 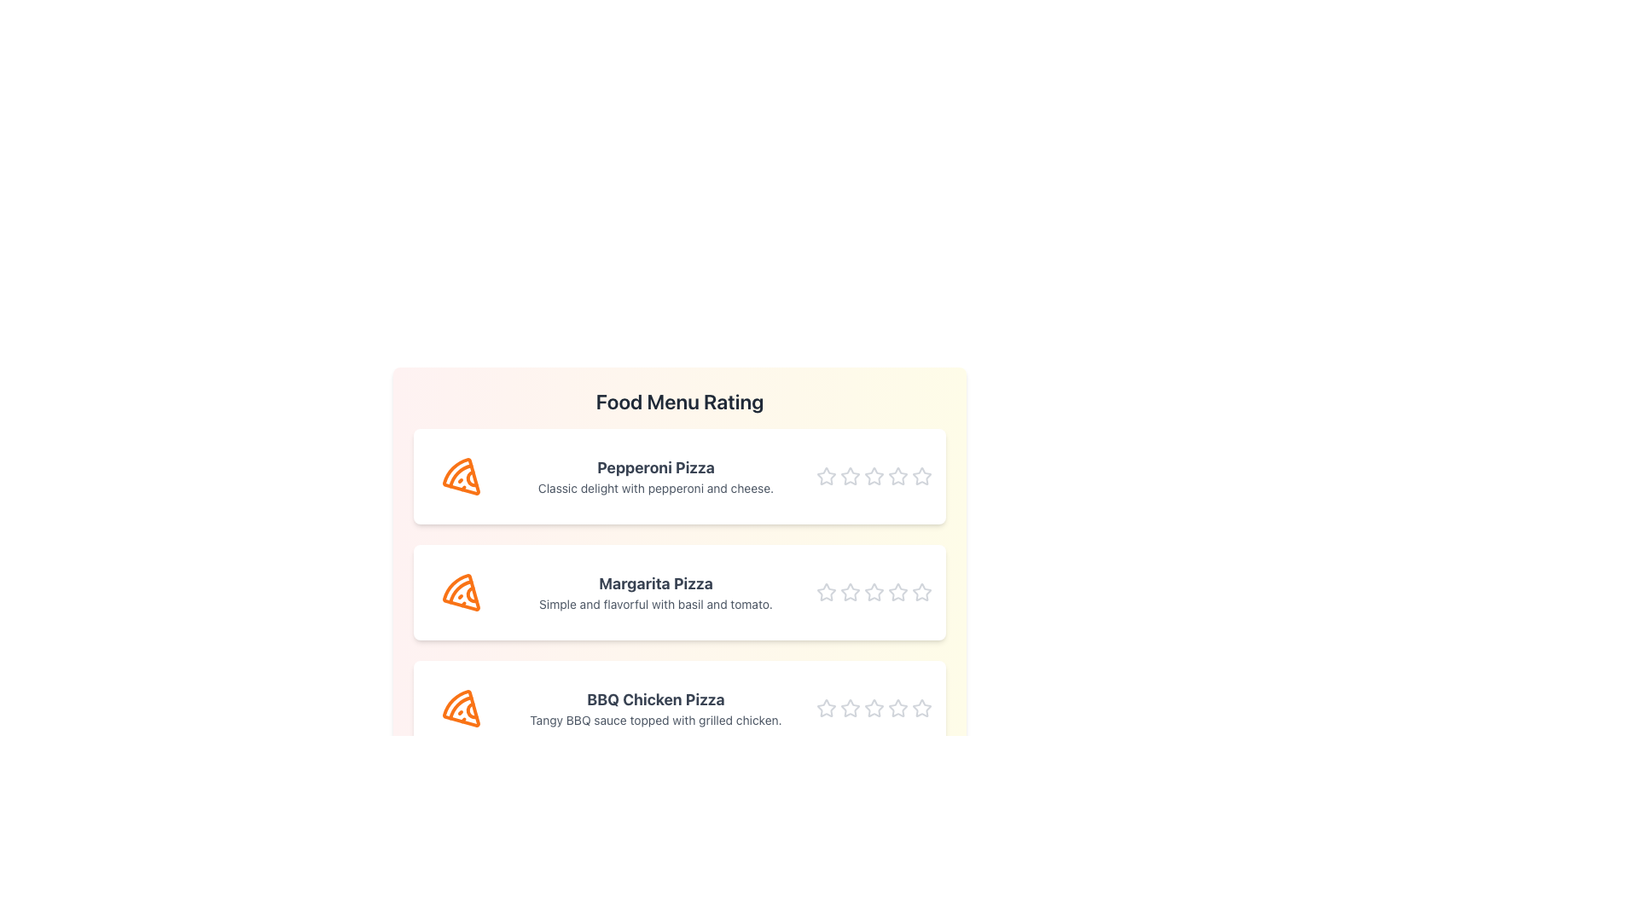 I want to click on the third hollow star icon in the rating section for 'Pepperoni Pizza' to observe the visual hover effect, so click(x=874, y=477).